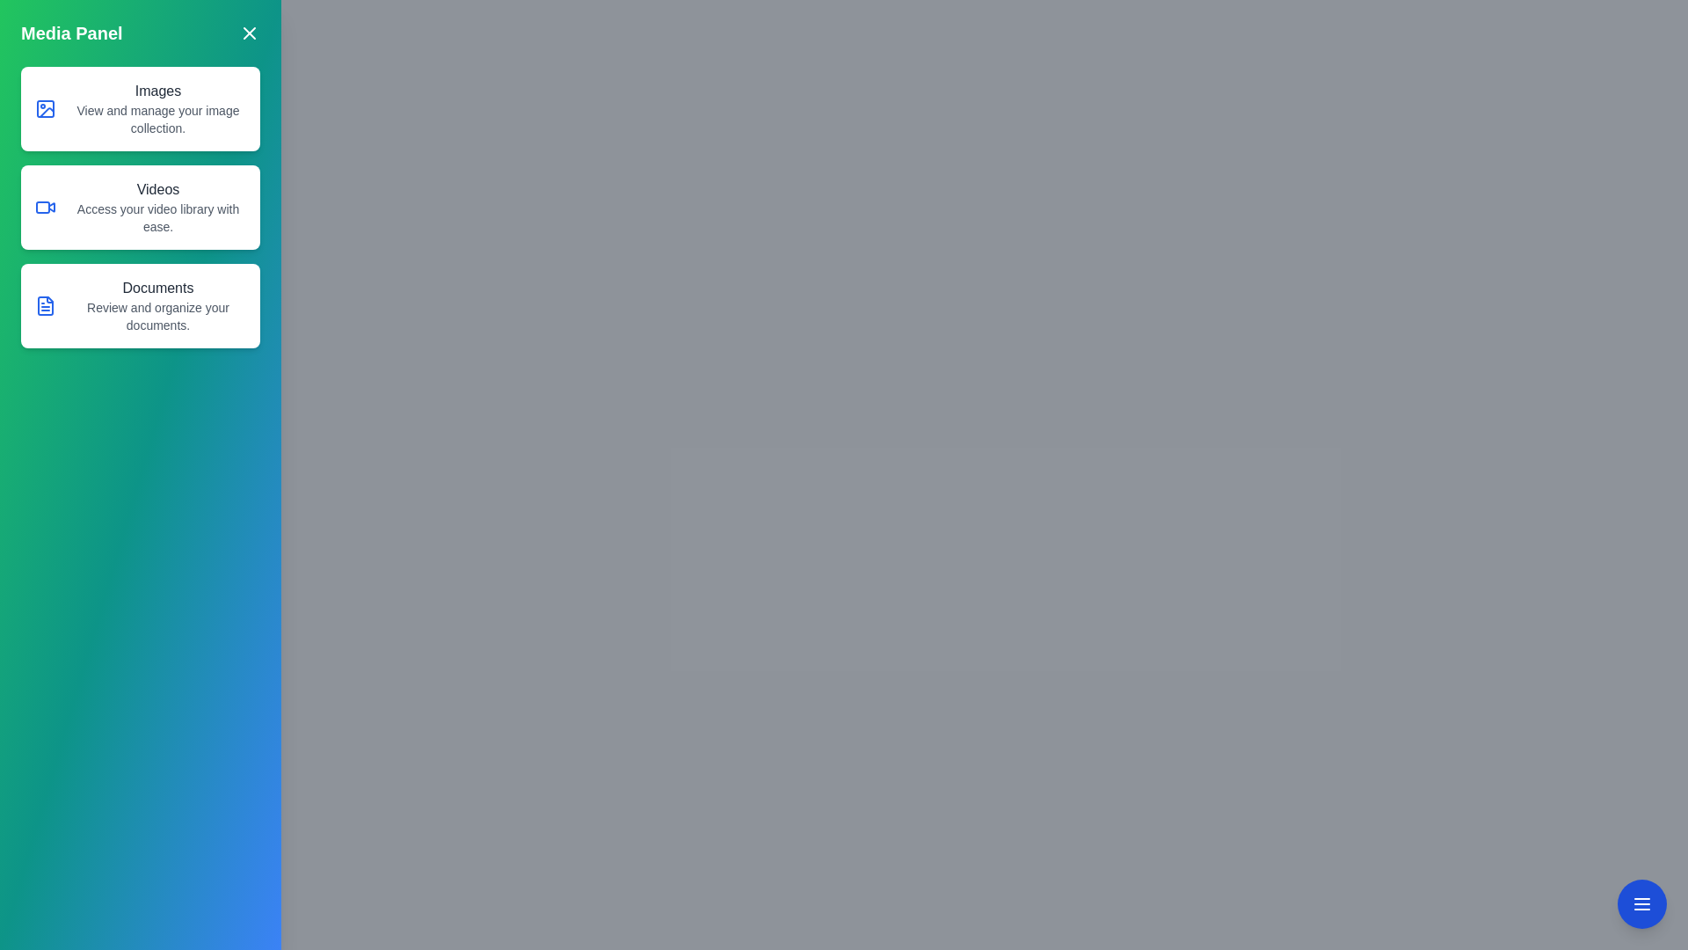  I want to click on the Informational Text Block that features a bold title 'Videos' and a tagline 'Access your video library with ease.', which is located in the middle card of three stacked cards on the left panel, so click(158, 206).